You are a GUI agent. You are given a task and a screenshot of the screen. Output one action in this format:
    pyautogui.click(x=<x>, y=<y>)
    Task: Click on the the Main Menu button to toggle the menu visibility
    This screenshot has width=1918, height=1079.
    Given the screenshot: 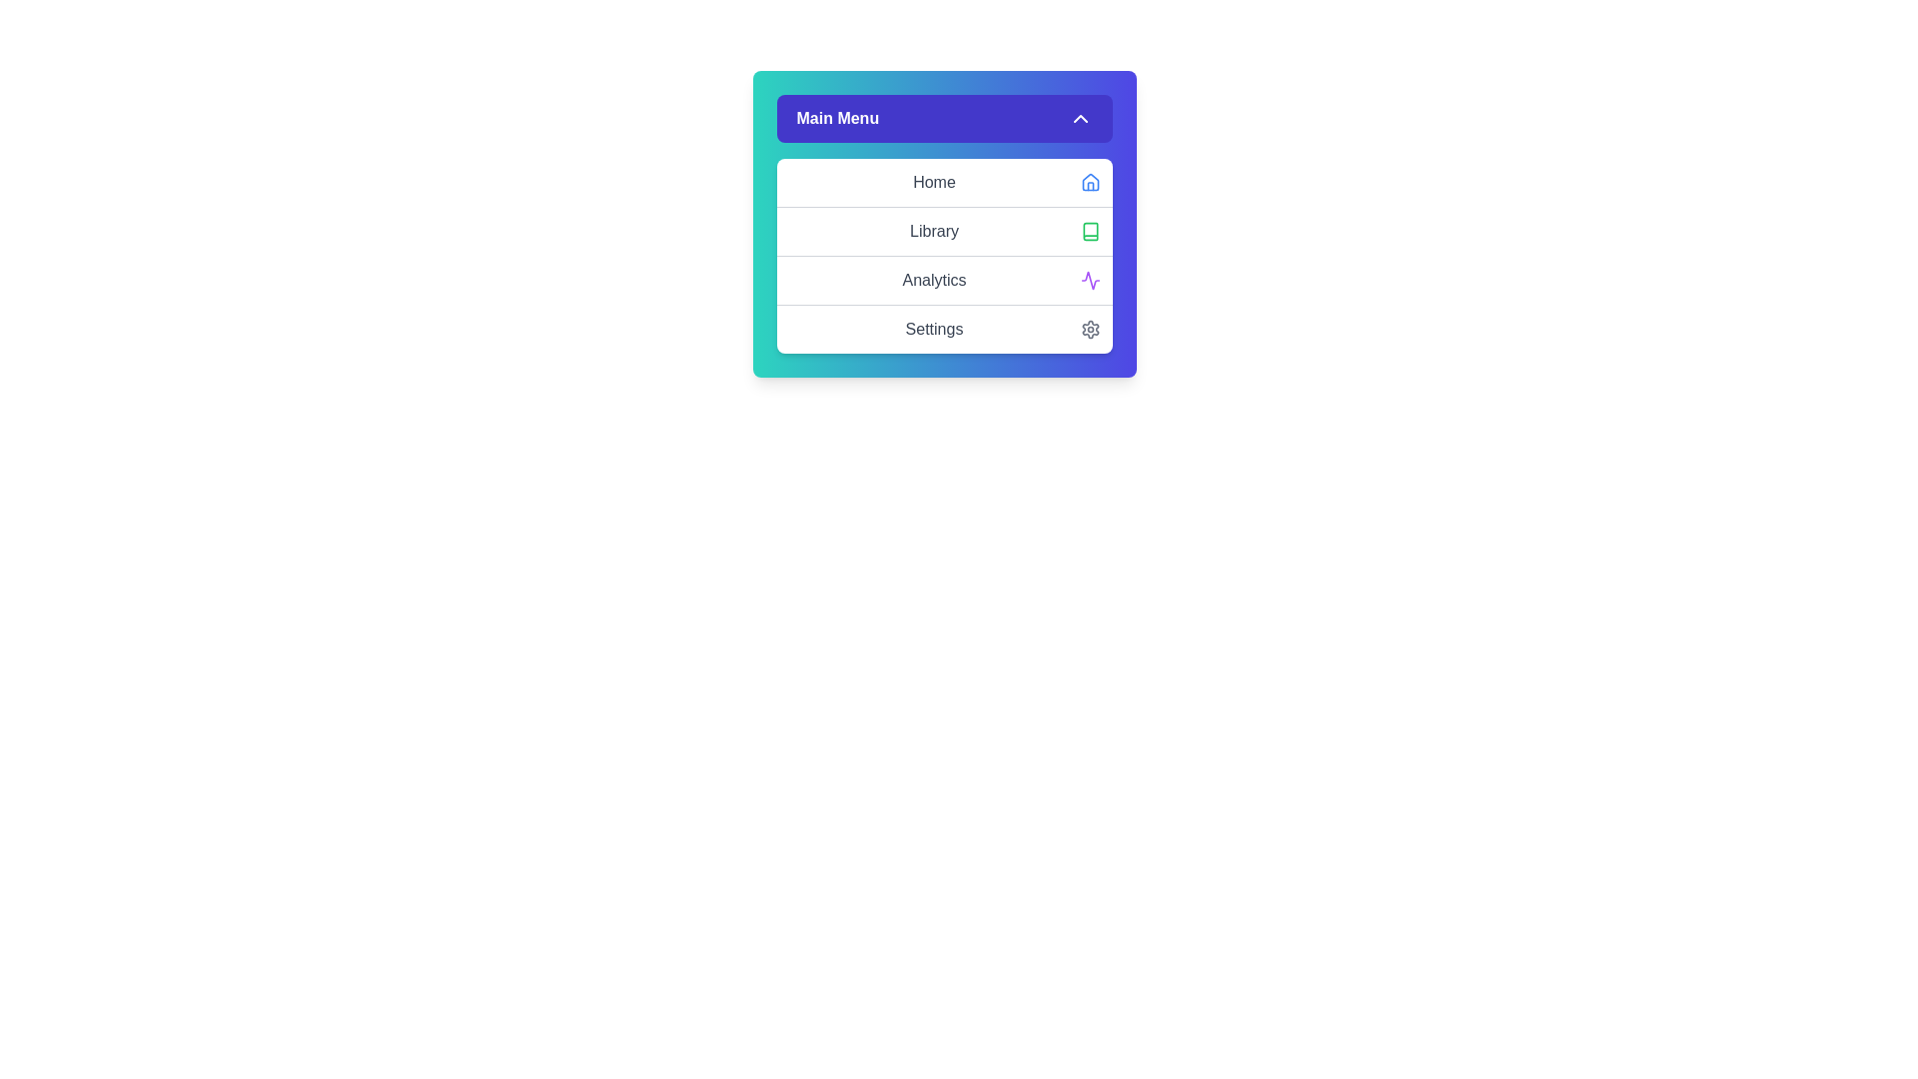 What is the action you would take?
    pyautogui.click(x=943, y=119)
    